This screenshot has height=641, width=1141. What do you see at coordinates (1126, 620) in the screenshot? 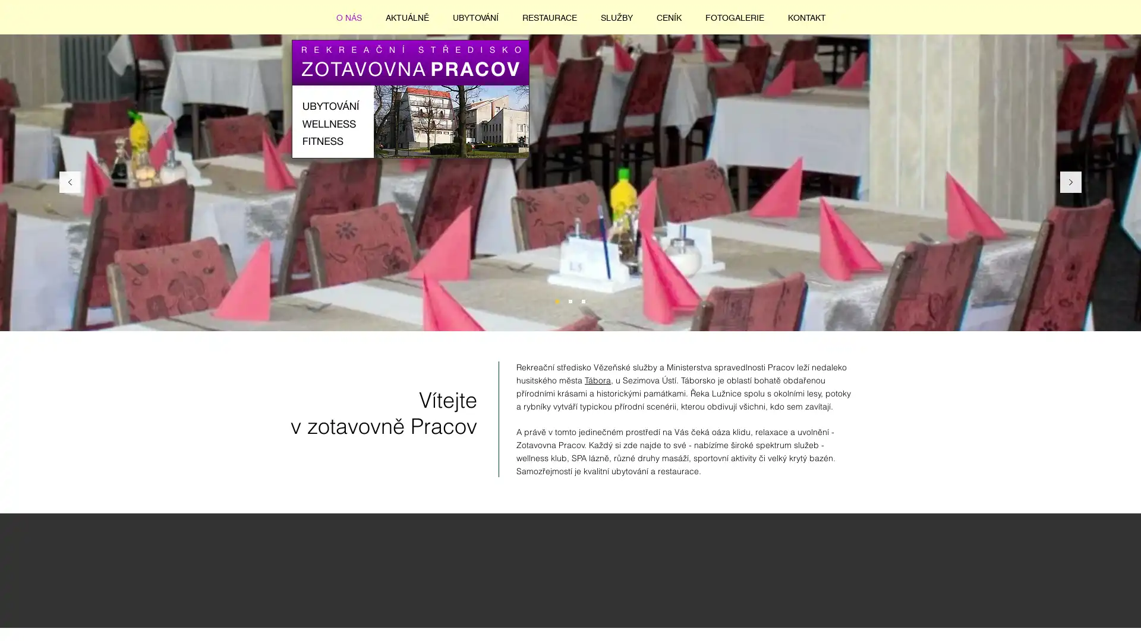
I see `Zavrit` at bounding box center [1126, 620].